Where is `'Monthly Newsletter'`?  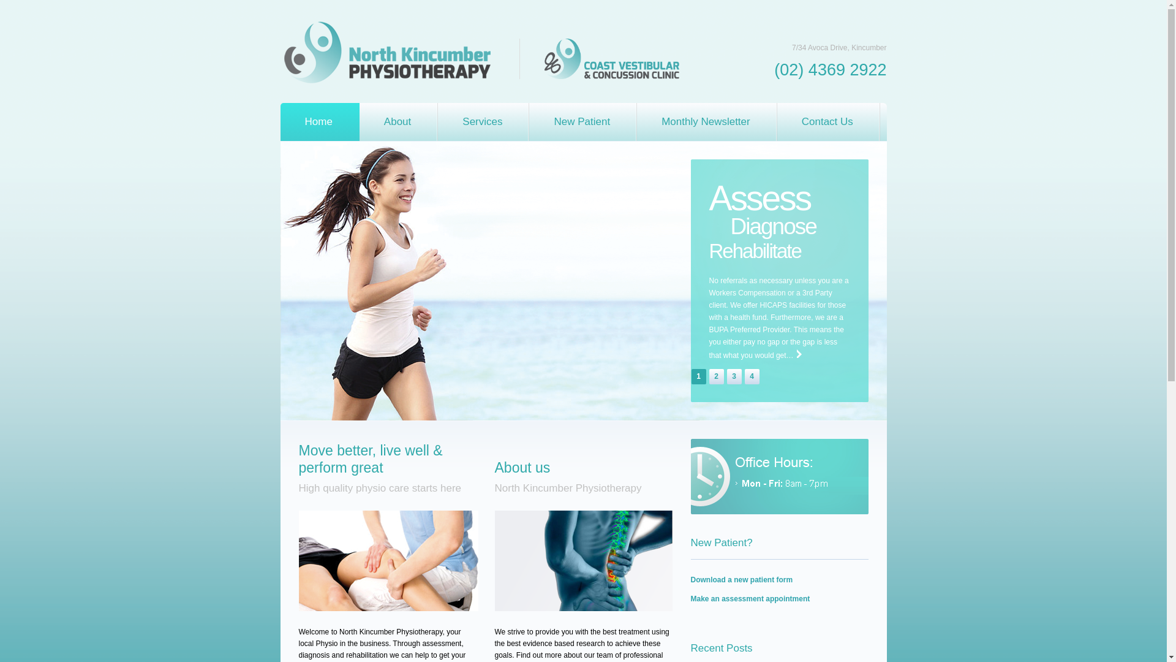 'Monthly Newsletter' is located at coordinates (707, 122).